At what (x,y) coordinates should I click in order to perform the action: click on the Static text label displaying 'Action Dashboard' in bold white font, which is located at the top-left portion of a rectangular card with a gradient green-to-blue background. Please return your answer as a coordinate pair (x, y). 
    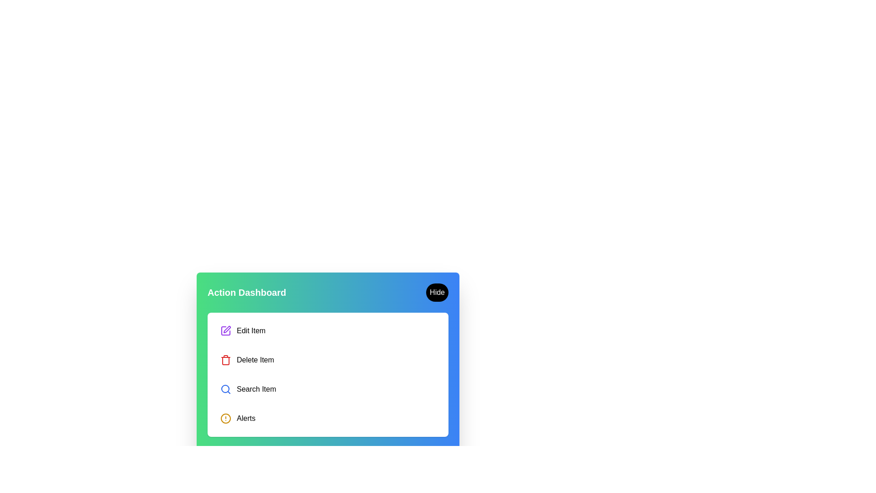
    Looking at the image, I should click on (247, 292).